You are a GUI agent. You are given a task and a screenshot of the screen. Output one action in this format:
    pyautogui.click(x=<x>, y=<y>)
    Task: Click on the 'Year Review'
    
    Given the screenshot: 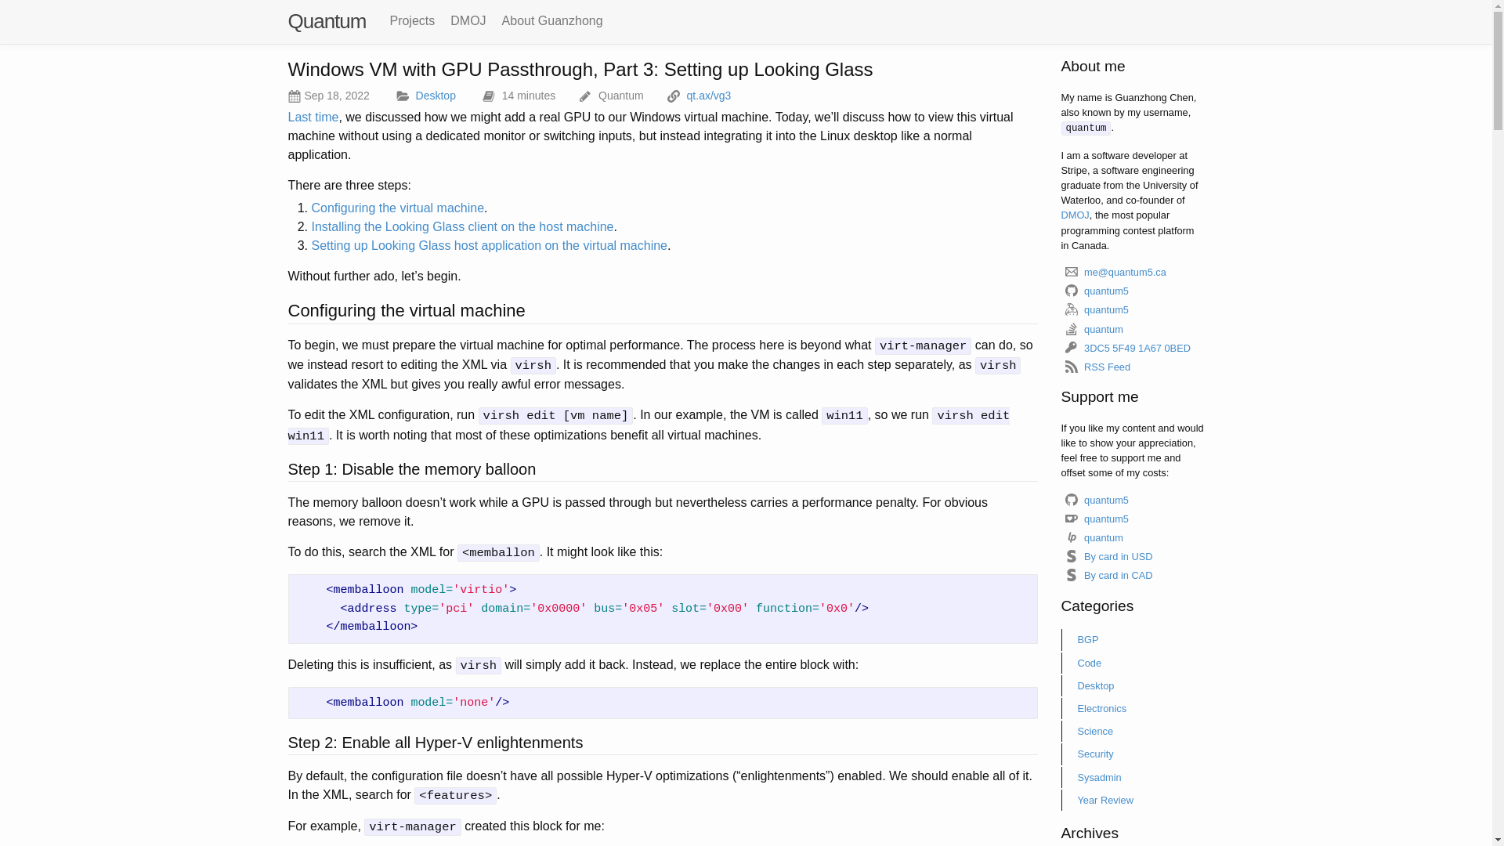 What is the action you would take?
    pyautogui.click(x=1132, y=800)
    